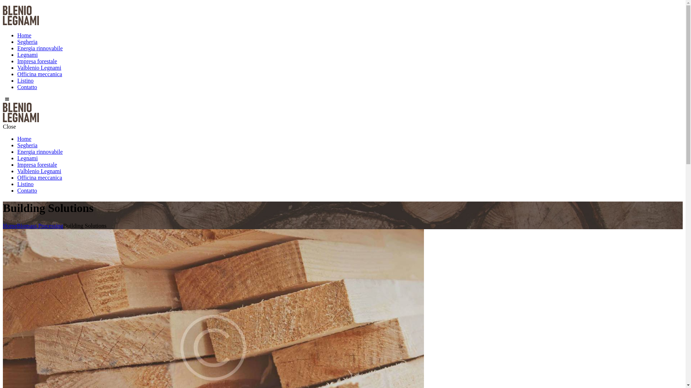  What do you see at coordinates (27, 145) in the screenshot?
I see `'Segheria'` at bounding box center [27, 145].